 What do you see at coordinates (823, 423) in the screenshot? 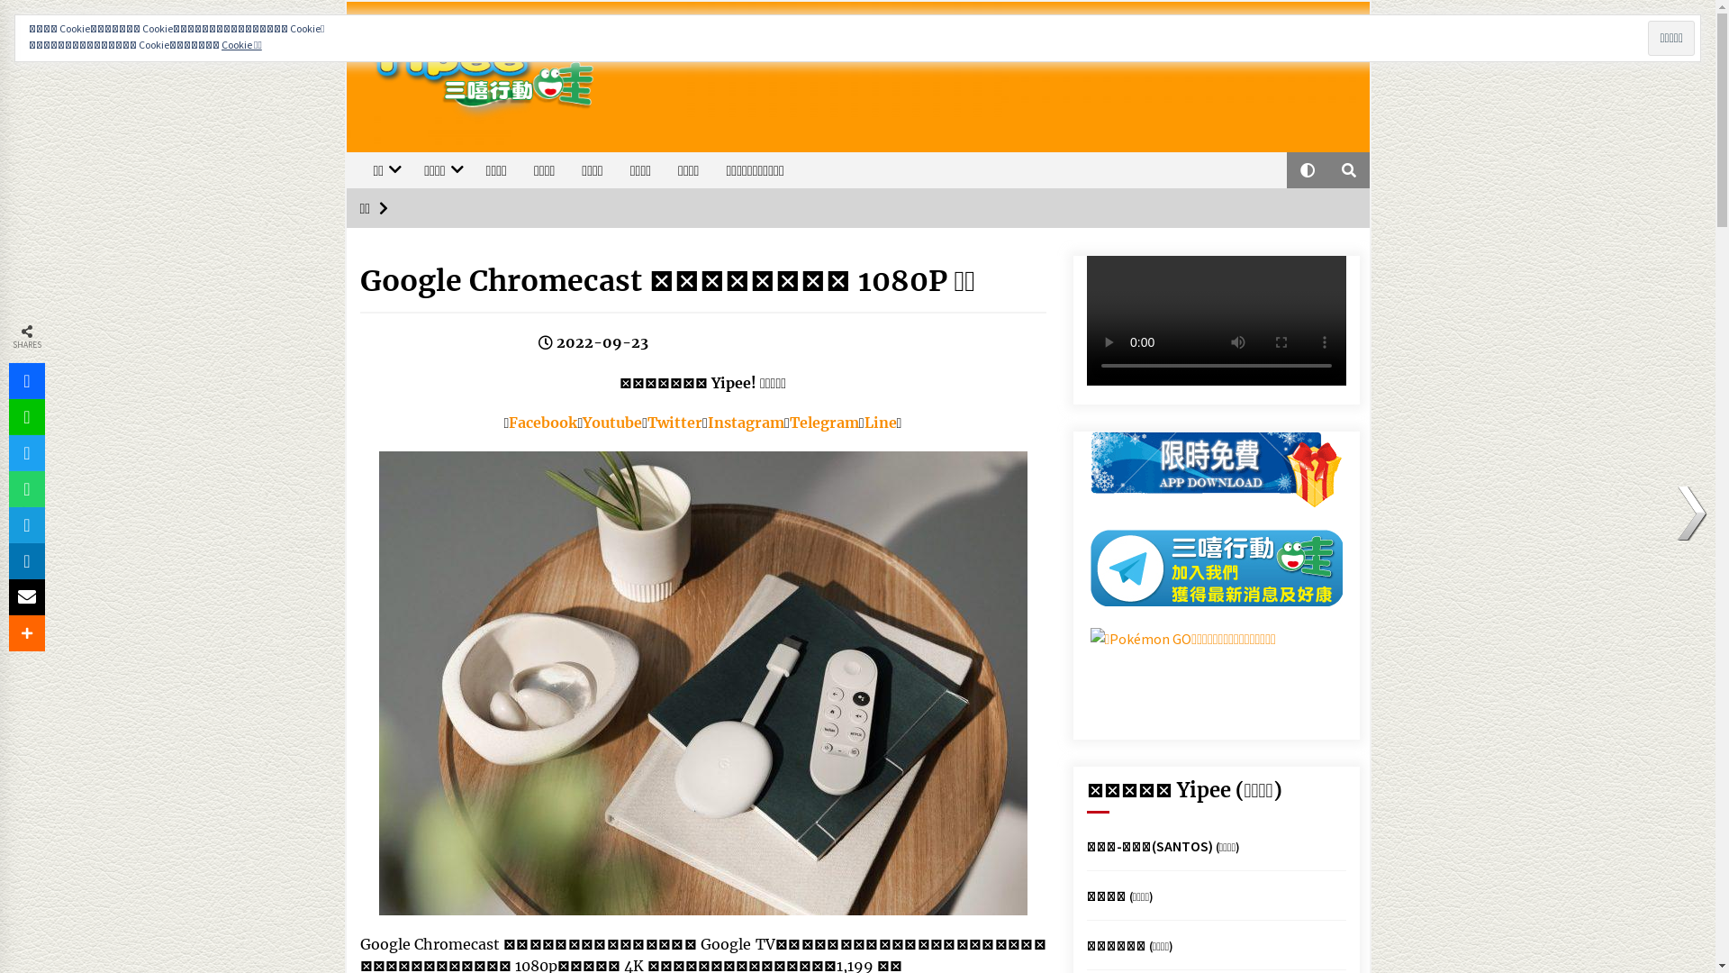
I see `'Telegram'` at bounding box center [823, 423].